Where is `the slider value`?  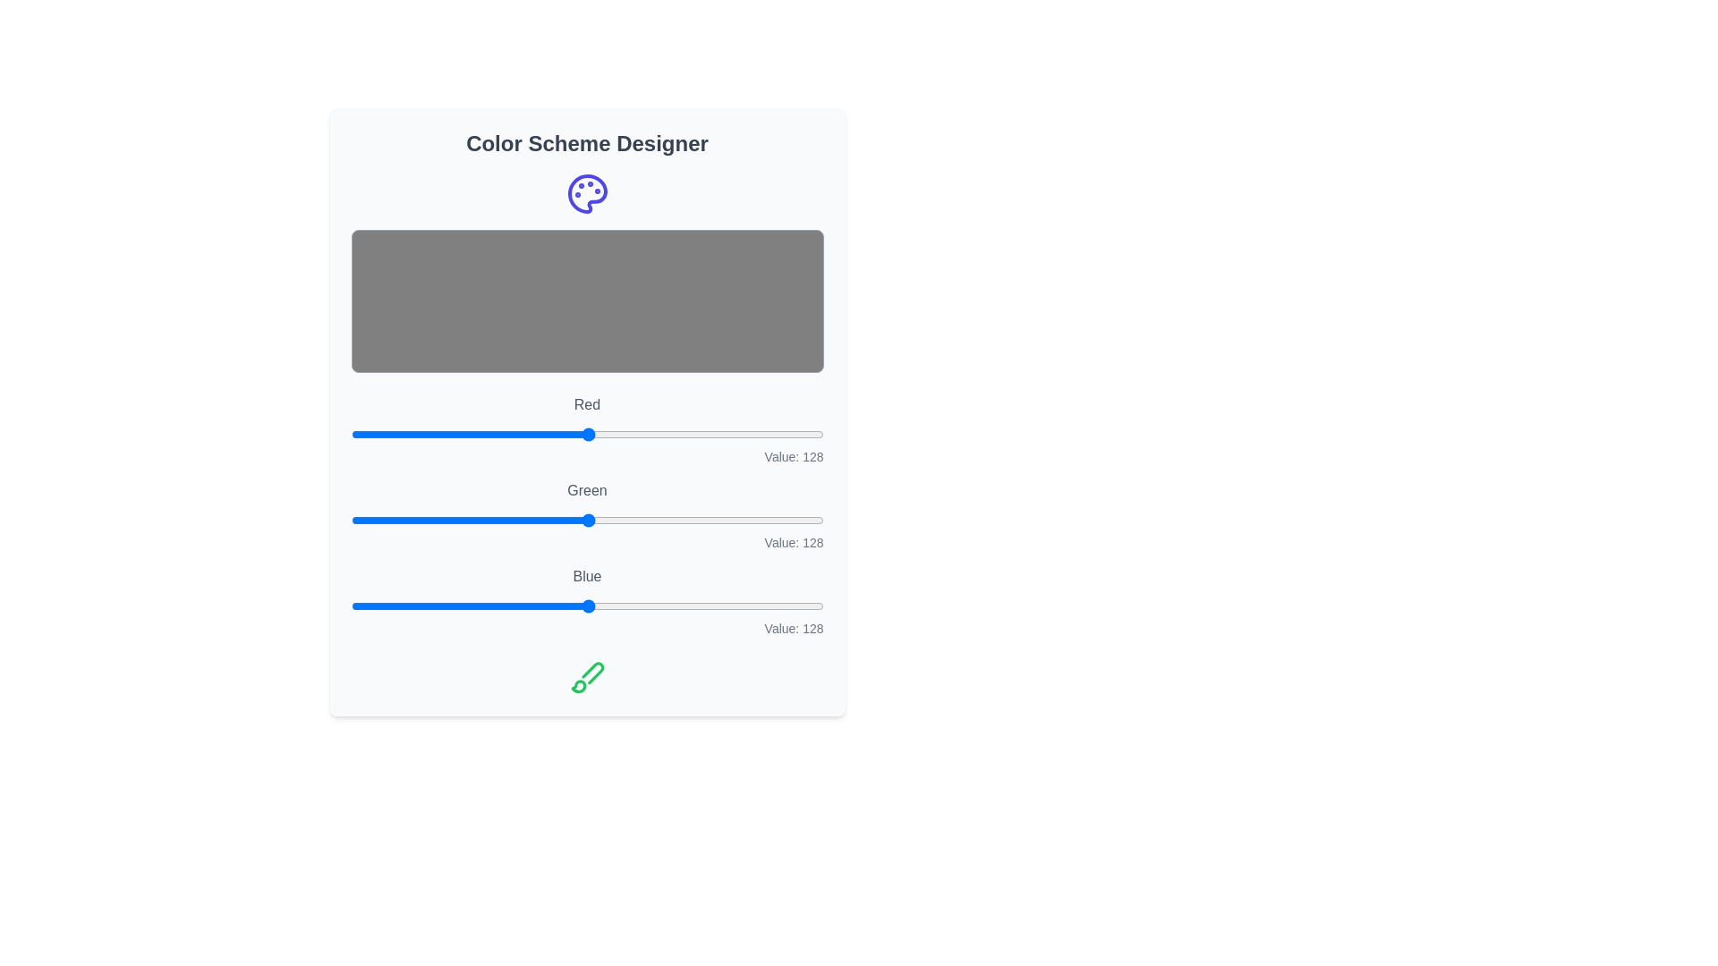
the slider value is located at coordinates (426, 606).